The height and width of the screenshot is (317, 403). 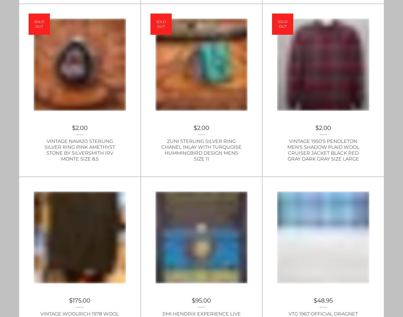 I want to click on '48.95', so click(x=325, y=300).